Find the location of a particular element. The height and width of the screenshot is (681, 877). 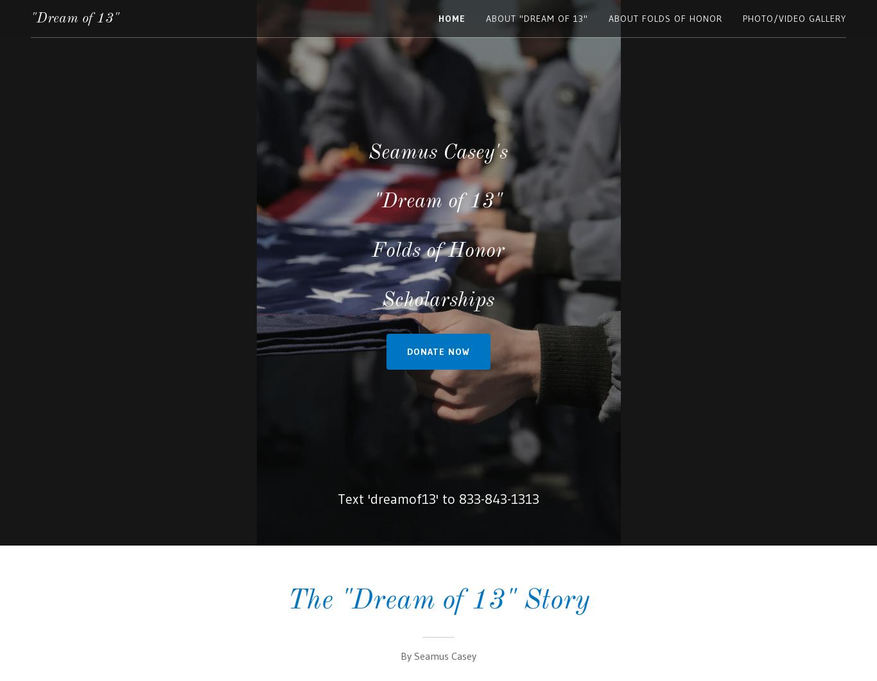

'833-843-1313' is located at coordinates (458, 499).